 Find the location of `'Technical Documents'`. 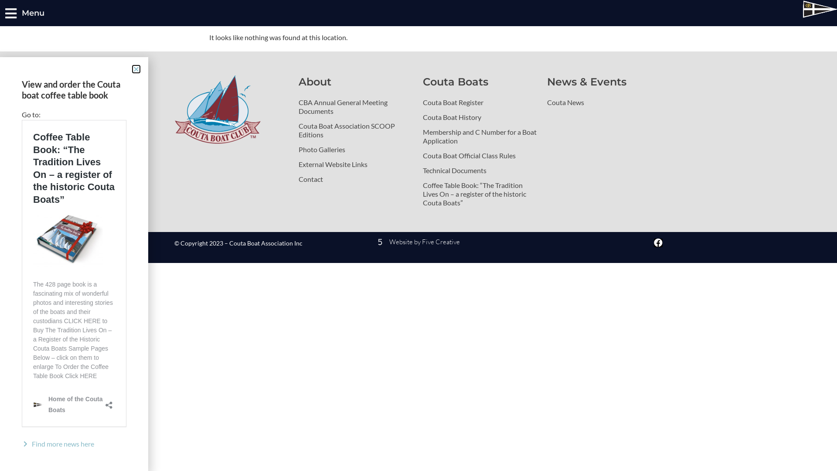

'Technical Documents' is located at coordinates (480, 170).